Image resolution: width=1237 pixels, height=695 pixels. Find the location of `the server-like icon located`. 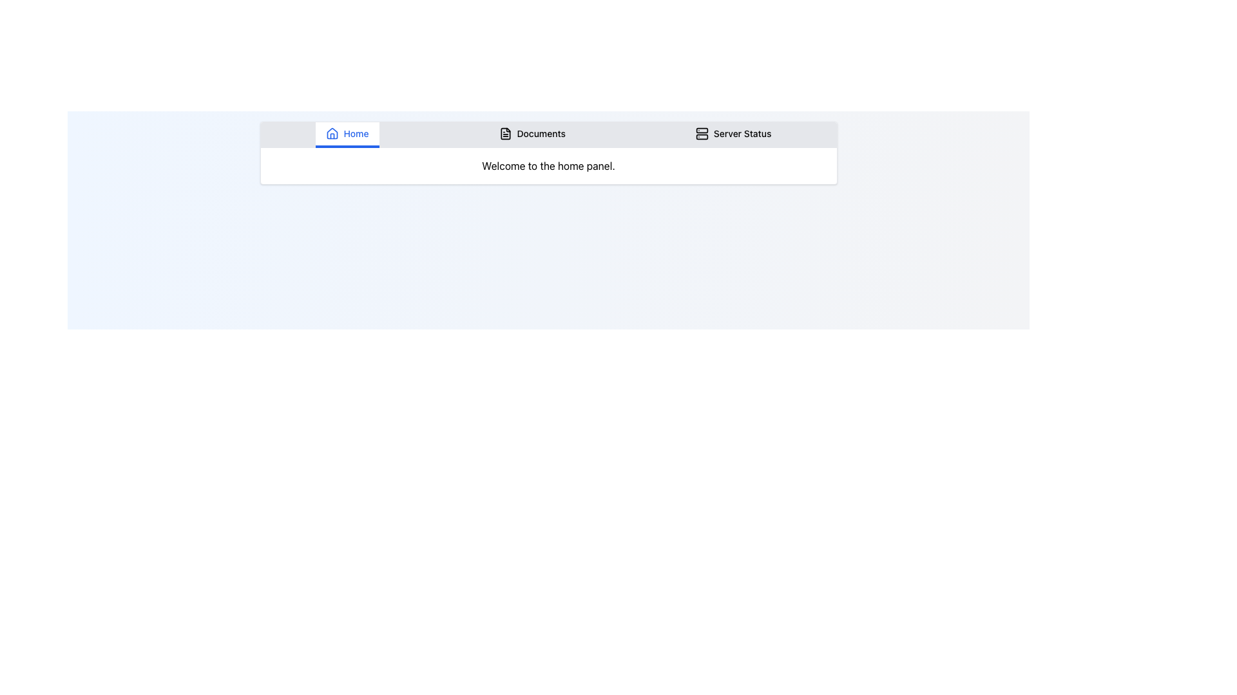

the server-like icon located is located at coordinates (701, 134).